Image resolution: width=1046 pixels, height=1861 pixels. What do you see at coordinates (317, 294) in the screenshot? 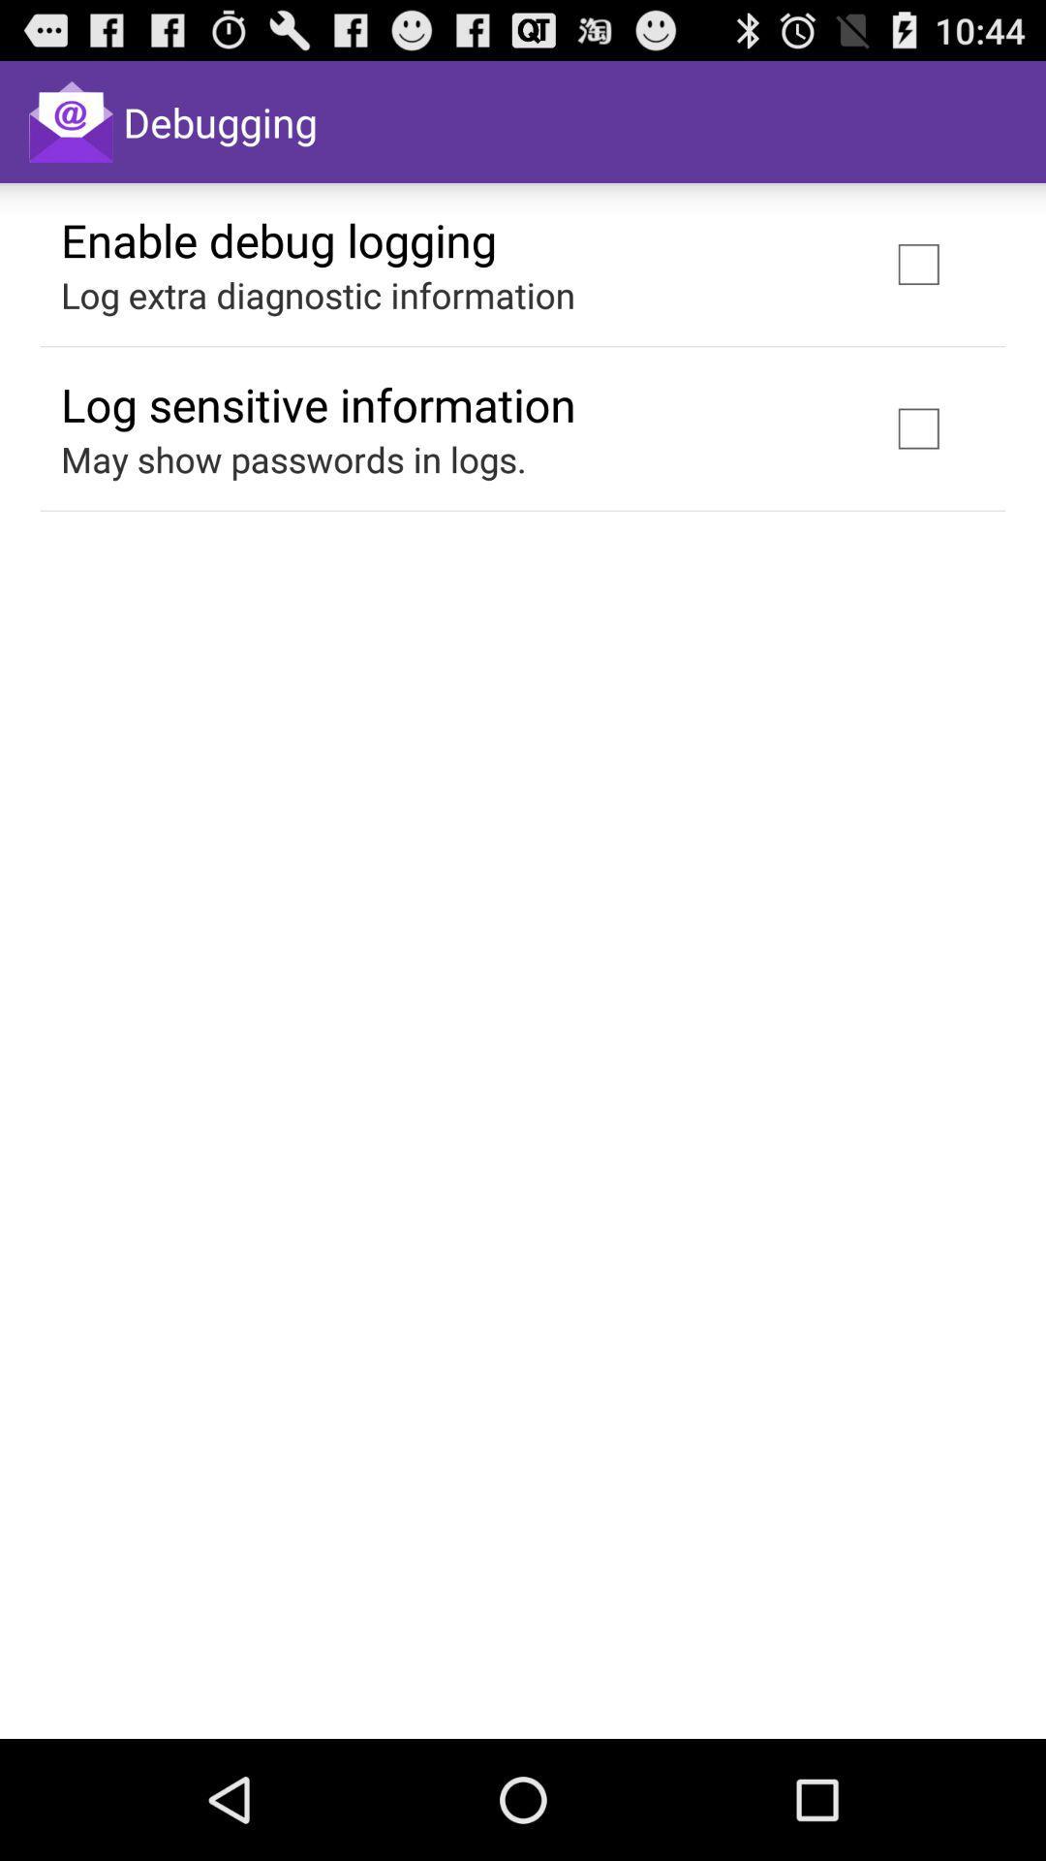
I see `item below the enable debug logging app` at bounding box center [317, 294].